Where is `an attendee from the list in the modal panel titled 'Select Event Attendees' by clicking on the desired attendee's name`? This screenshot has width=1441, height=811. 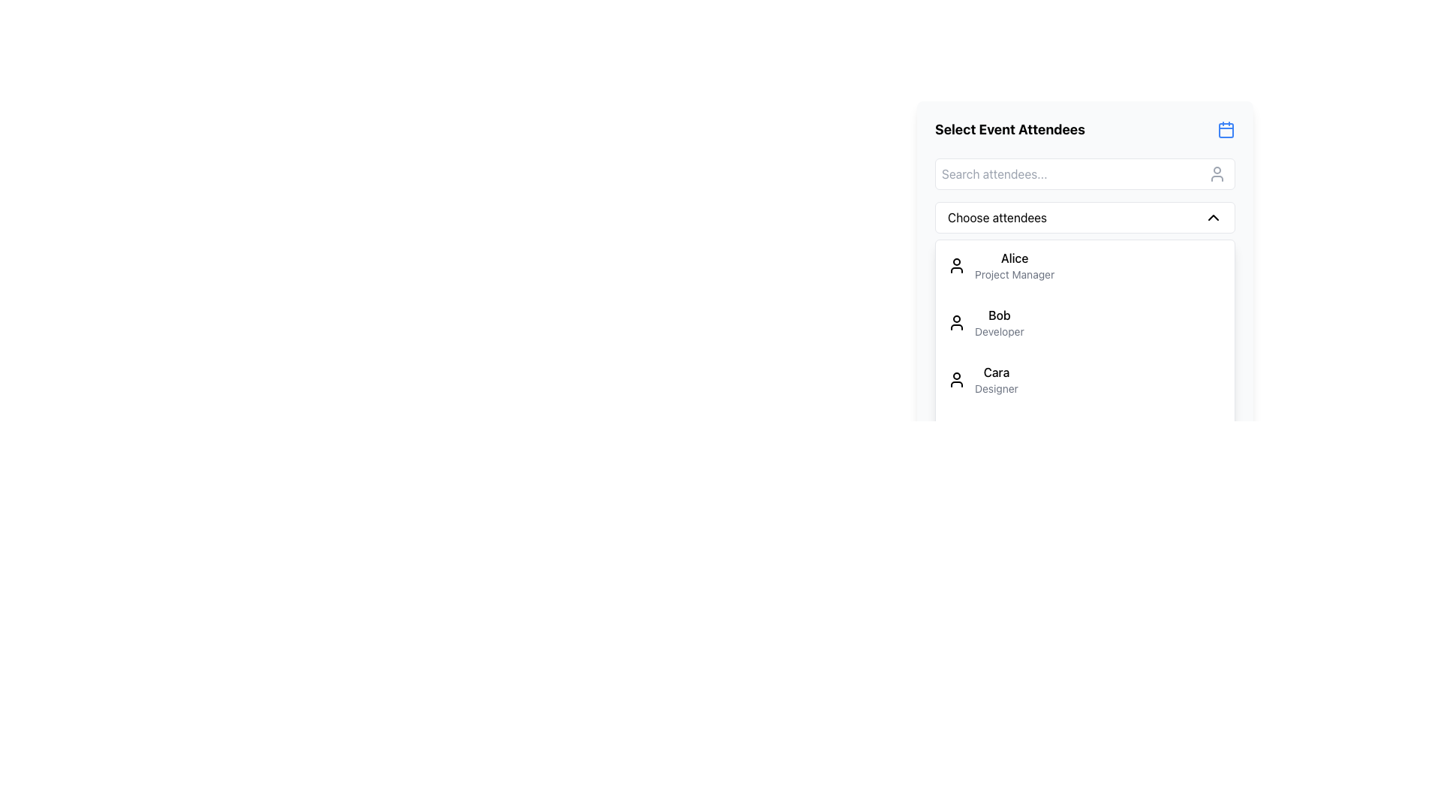 an attendee from the list in the modal panel titled 'Select Event Attendees' by clicking on the desired attendee's name is located at coordinates (1085, 251).